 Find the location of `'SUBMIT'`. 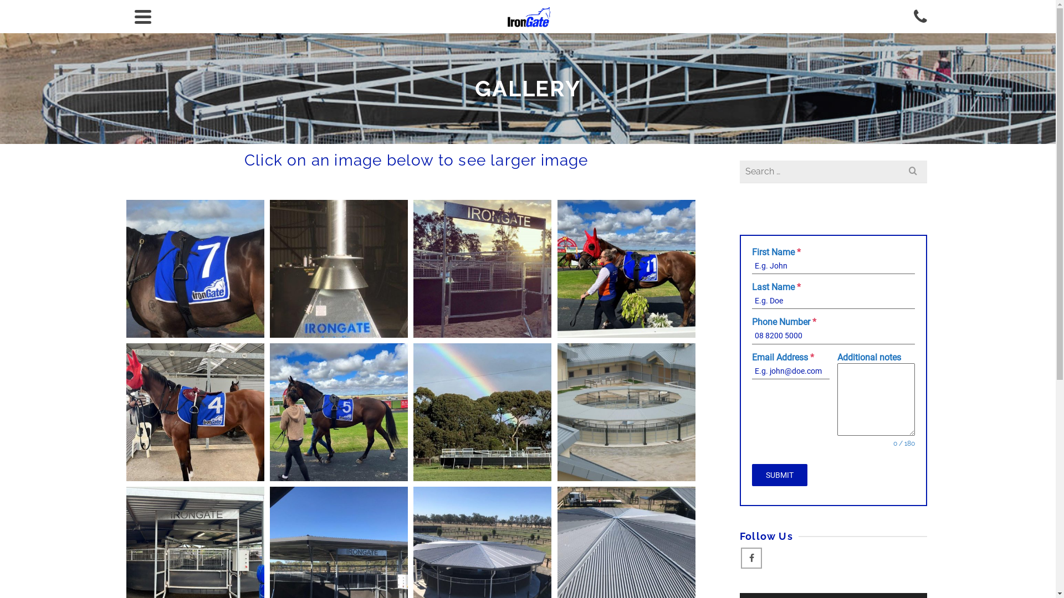

'SUBMIT' is located at coordinates (779, 474).